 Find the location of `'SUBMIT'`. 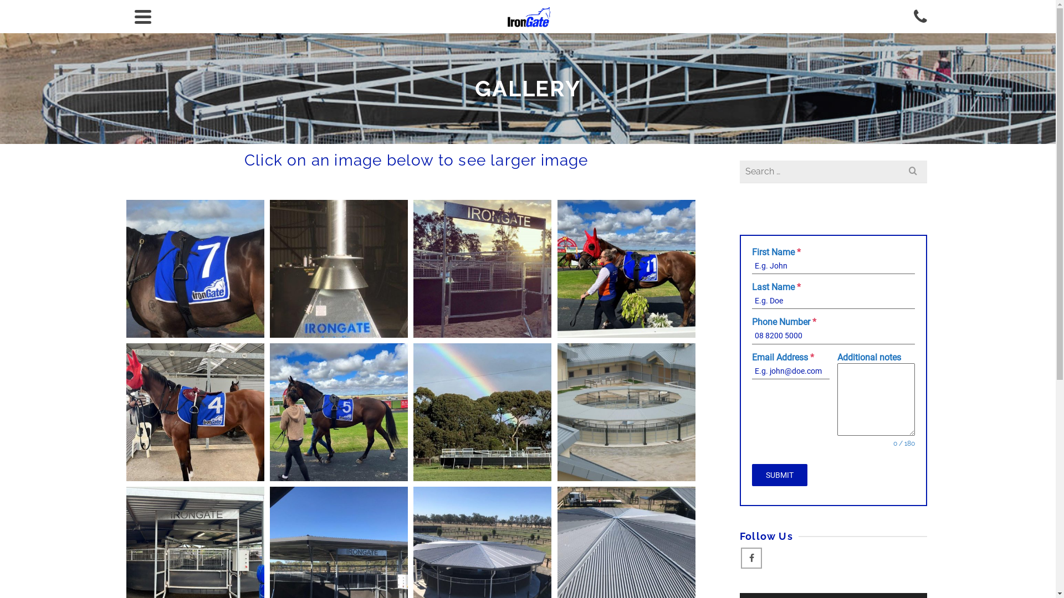

'SUBMIT' is located at coordinates (779, 474).